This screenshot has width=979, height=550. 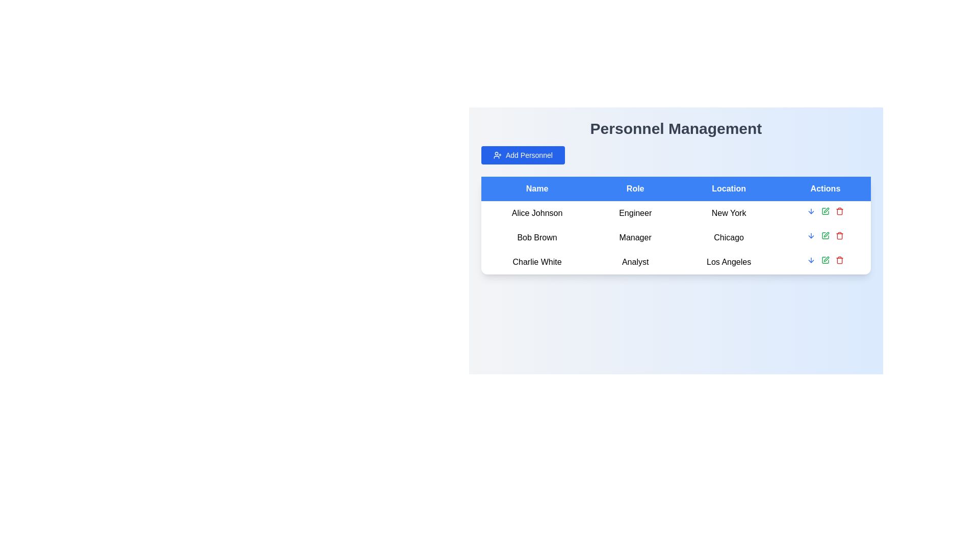 I want to click on the blue downward arrow icon located in the third row of the 'Actions' column of the table, so click(x=810, y=259).